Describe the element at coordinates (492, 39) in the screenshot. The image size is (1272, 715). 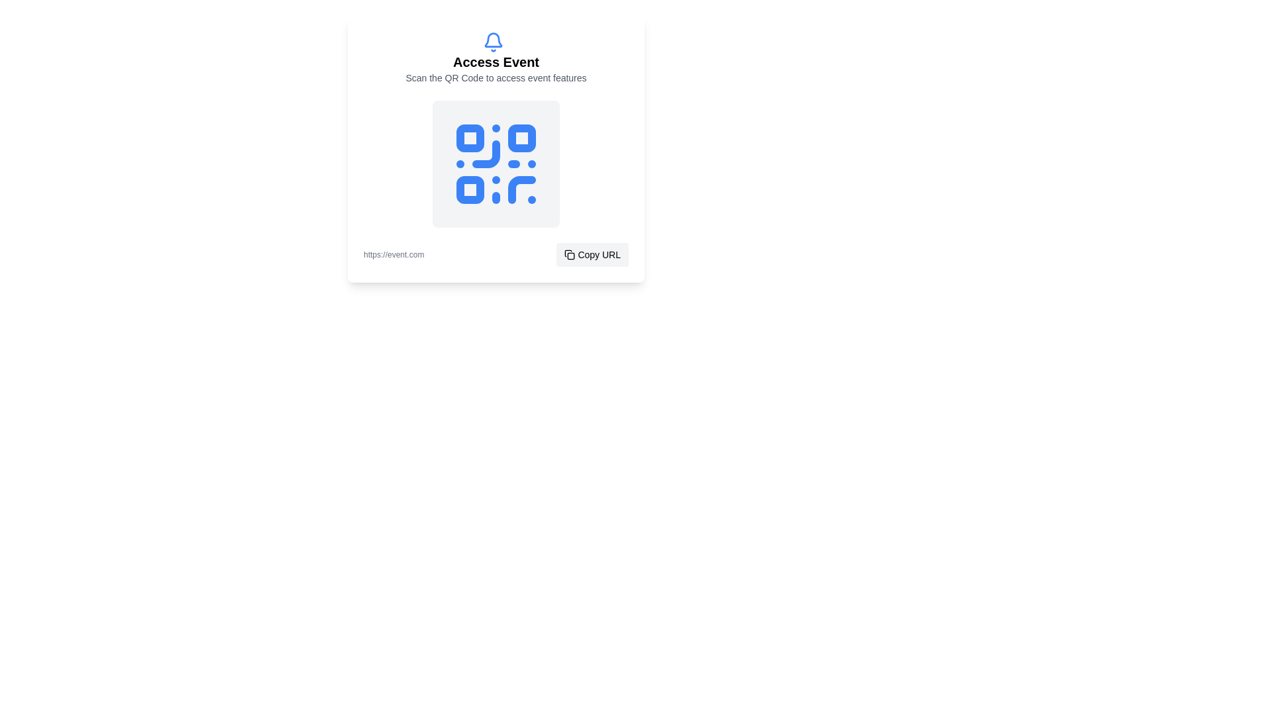
I see `the blue bell icon component located near the top-right corner of the interface` at that location.